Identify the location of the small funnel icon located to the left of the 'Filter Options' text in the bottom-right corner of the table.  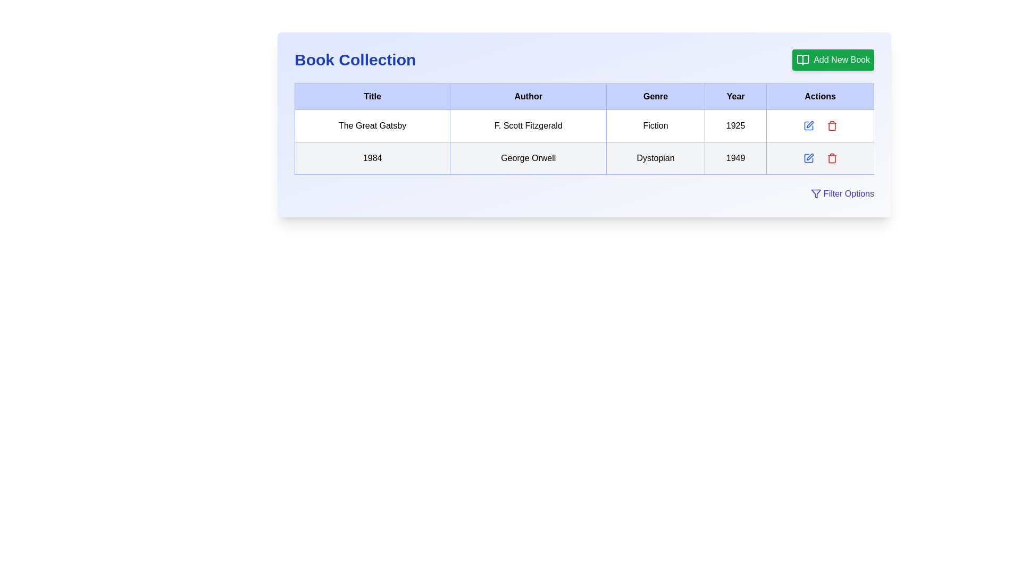
(815, 194).